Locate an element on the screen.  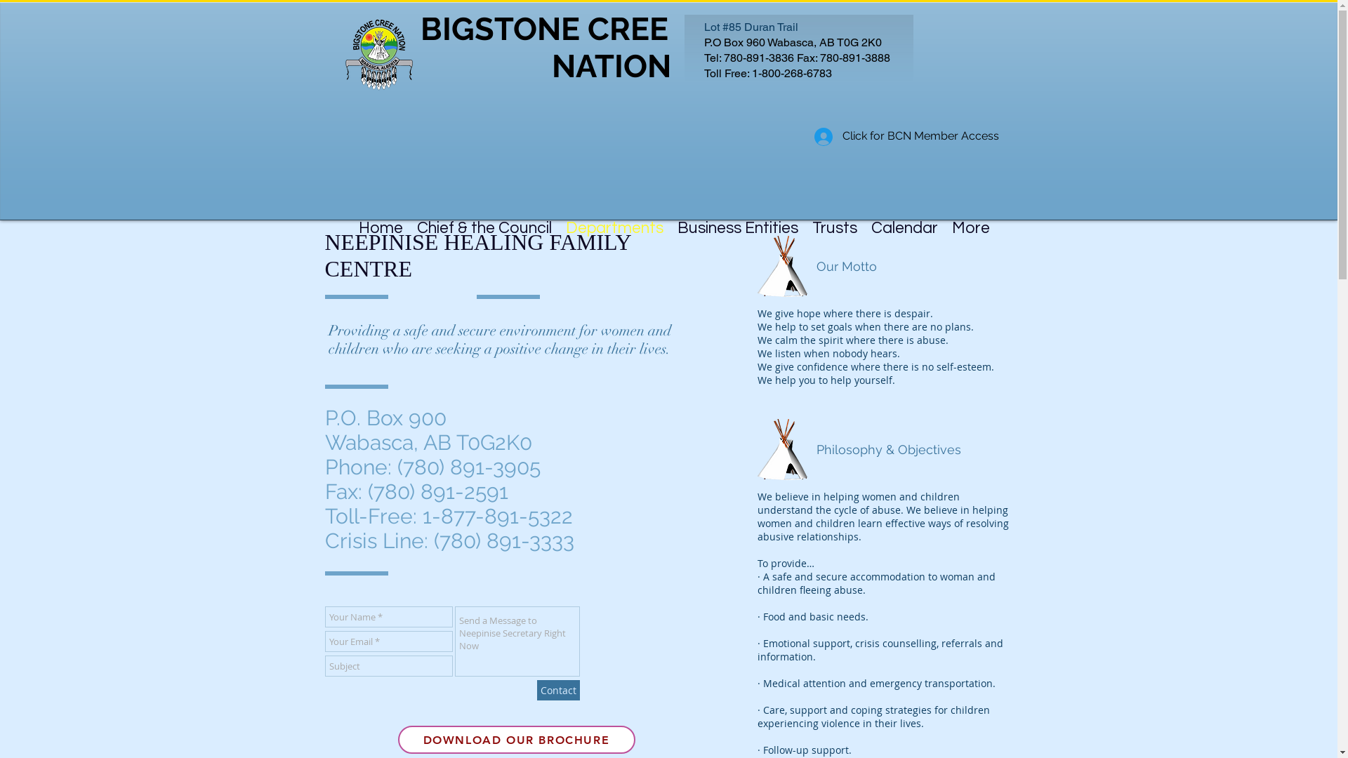
'Home' is located at coordinates (351, 218).